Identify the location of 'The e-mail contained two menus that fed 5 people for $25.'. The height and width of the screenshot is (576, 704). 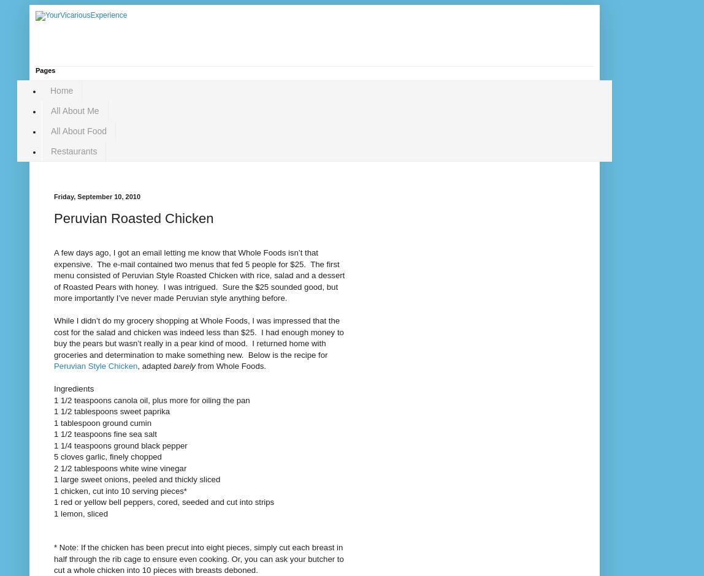
(201, 263).